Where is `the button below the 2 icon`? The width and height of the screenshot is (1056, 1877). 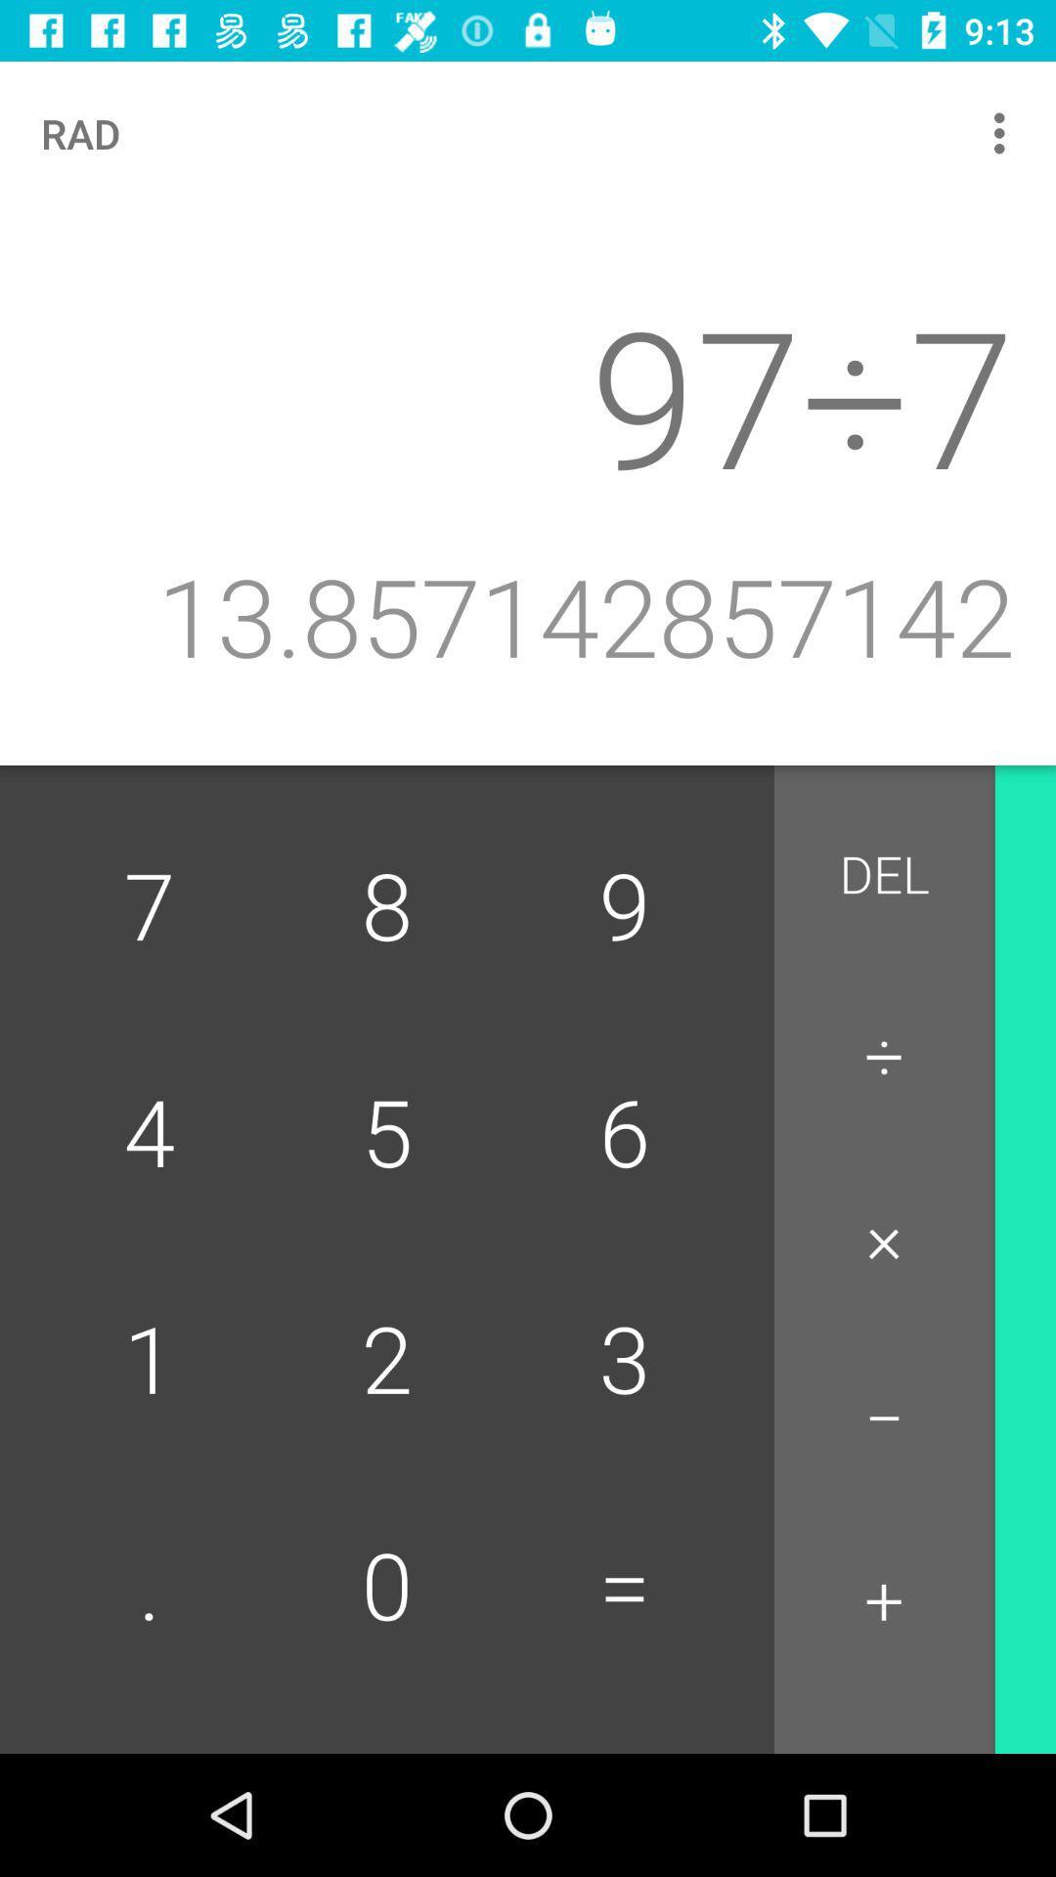 the button below the 2 icon is located at coordinates (625, 1589).